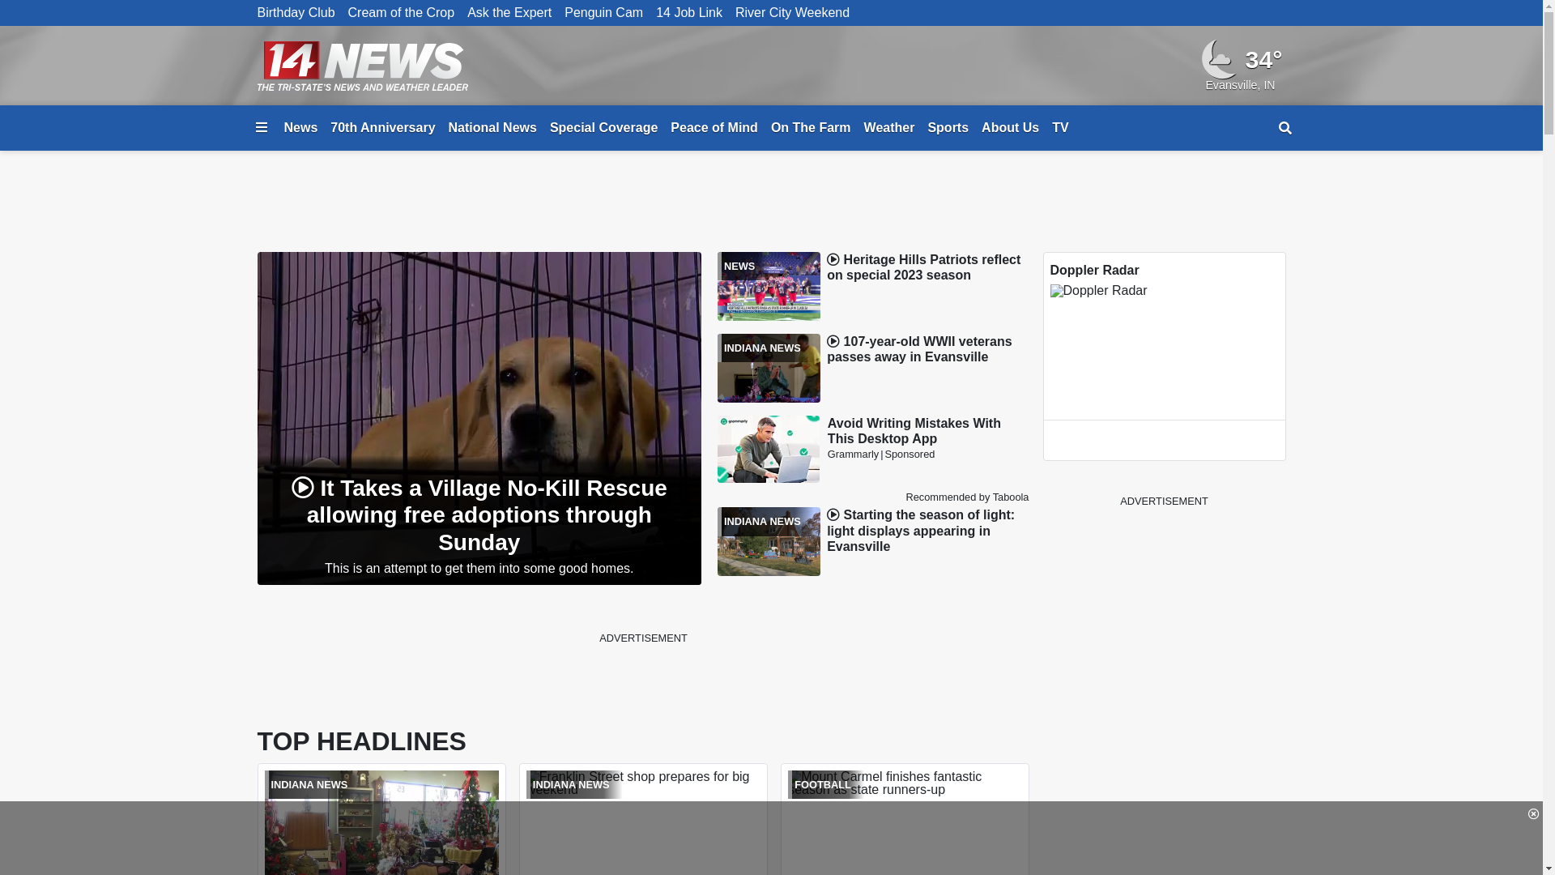  What do you see at coordinates (381, 127) in the screenshot?
I see `'70th Anniversary'` at bounding box center [381, 127].